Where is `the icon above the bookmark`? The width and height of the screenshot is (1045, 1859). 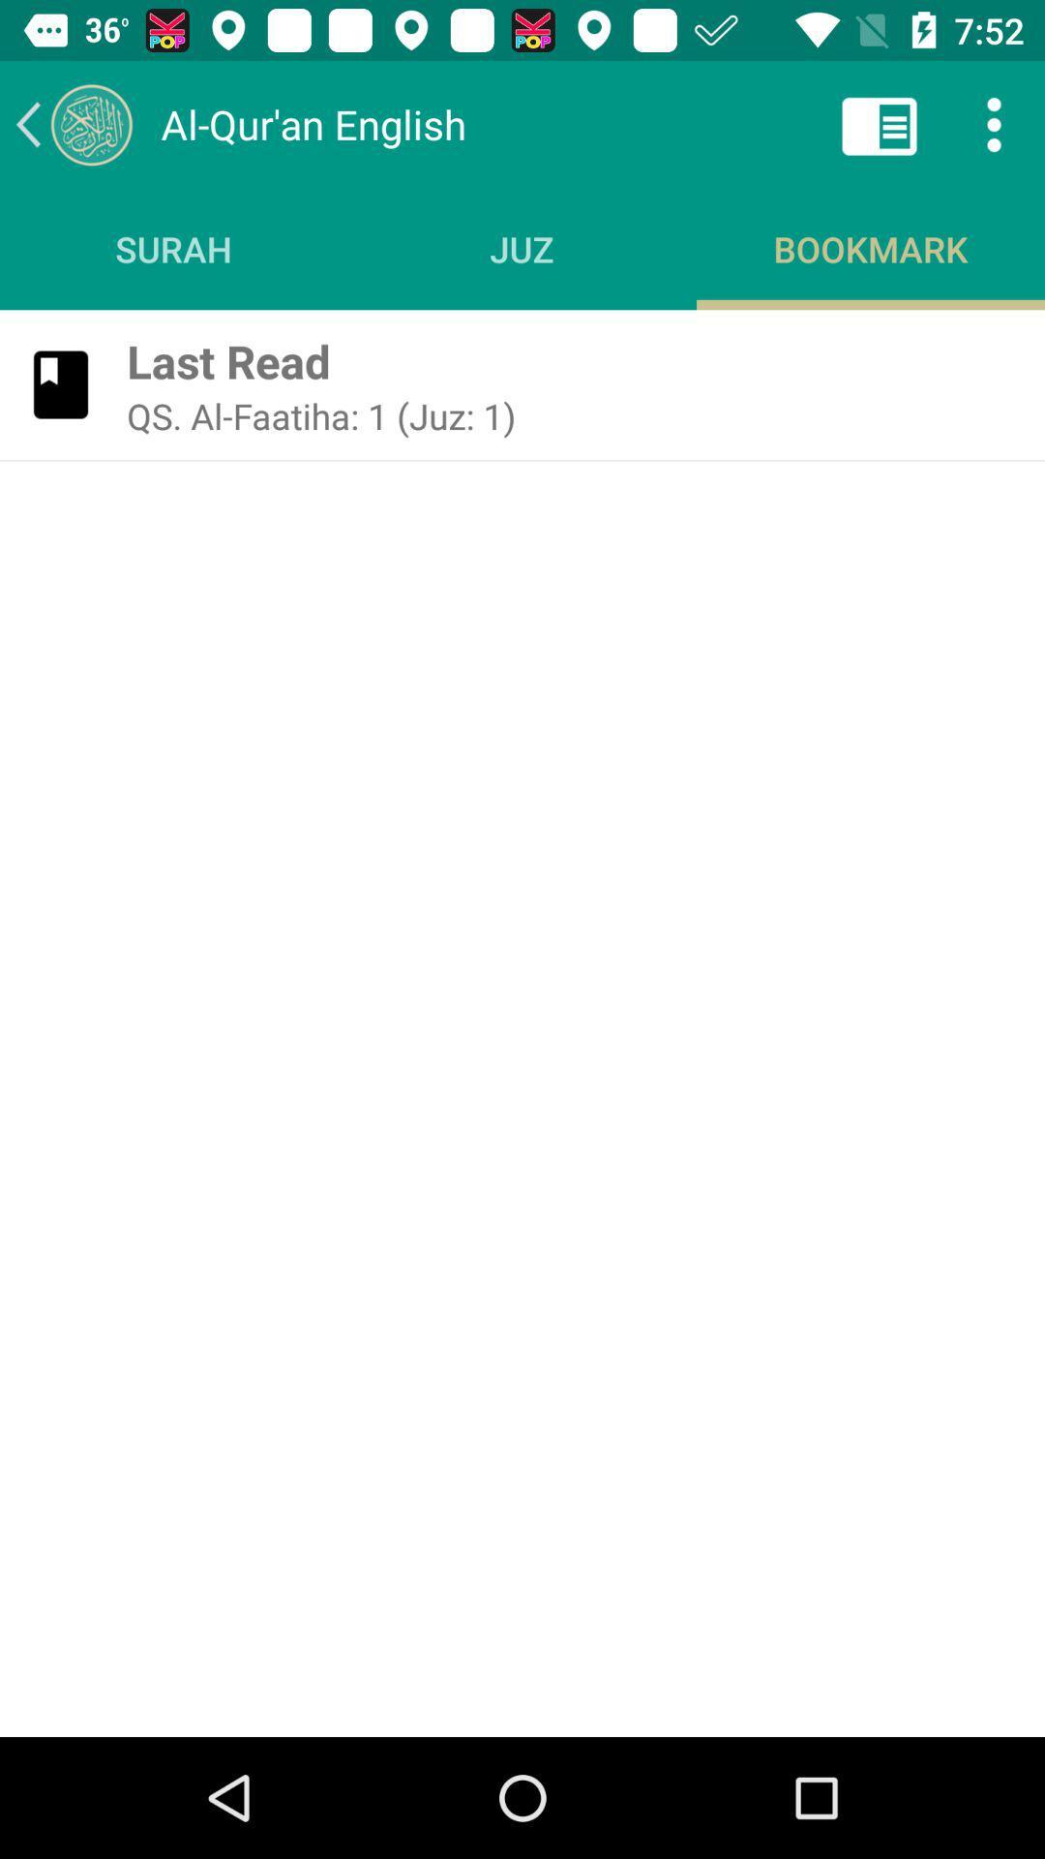 the icon above the bookmark is located at coordinates (880, 123).